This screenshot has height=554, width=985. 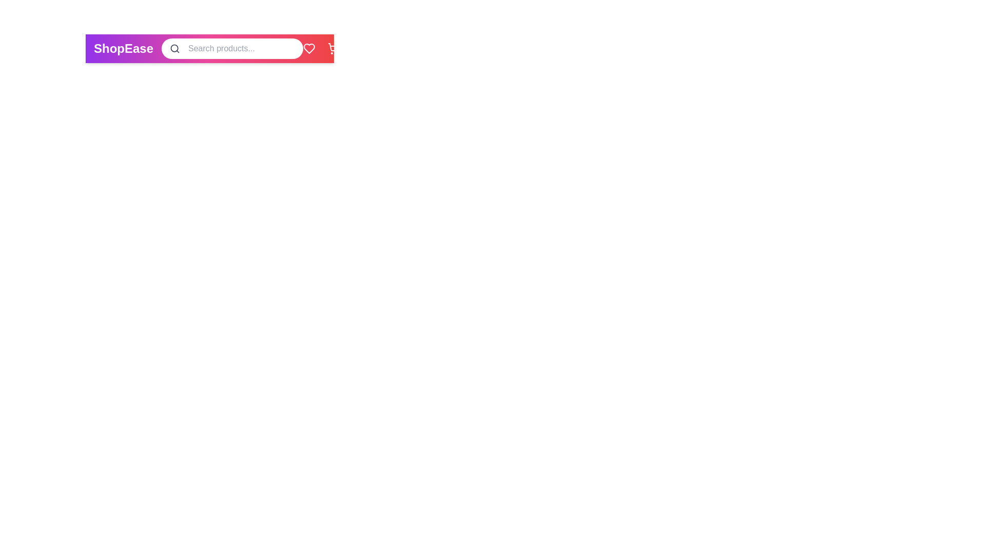 What do you see at coordinates (309, 49) in the screenshot?
I see `the heart icon to view favorites` at bounding box center [309, 49].